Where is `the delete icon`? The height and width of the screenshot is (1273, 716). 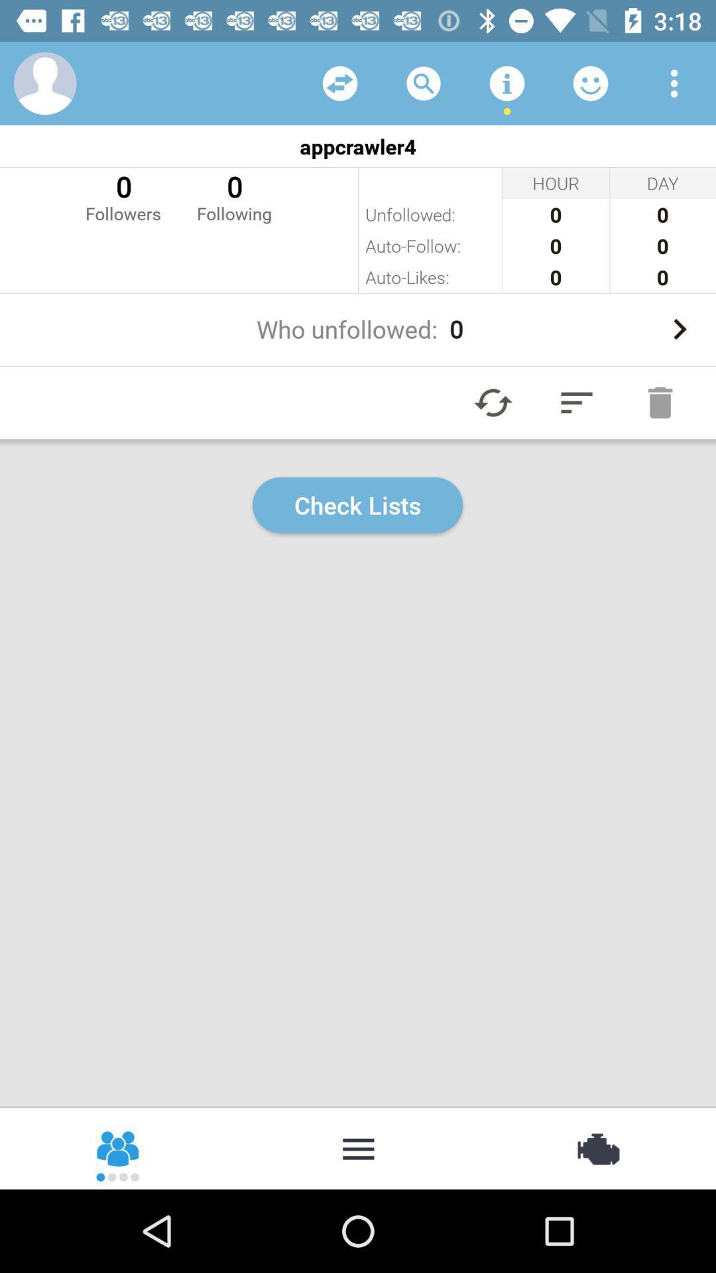
the delete icon is located at coordinates (660, 402).